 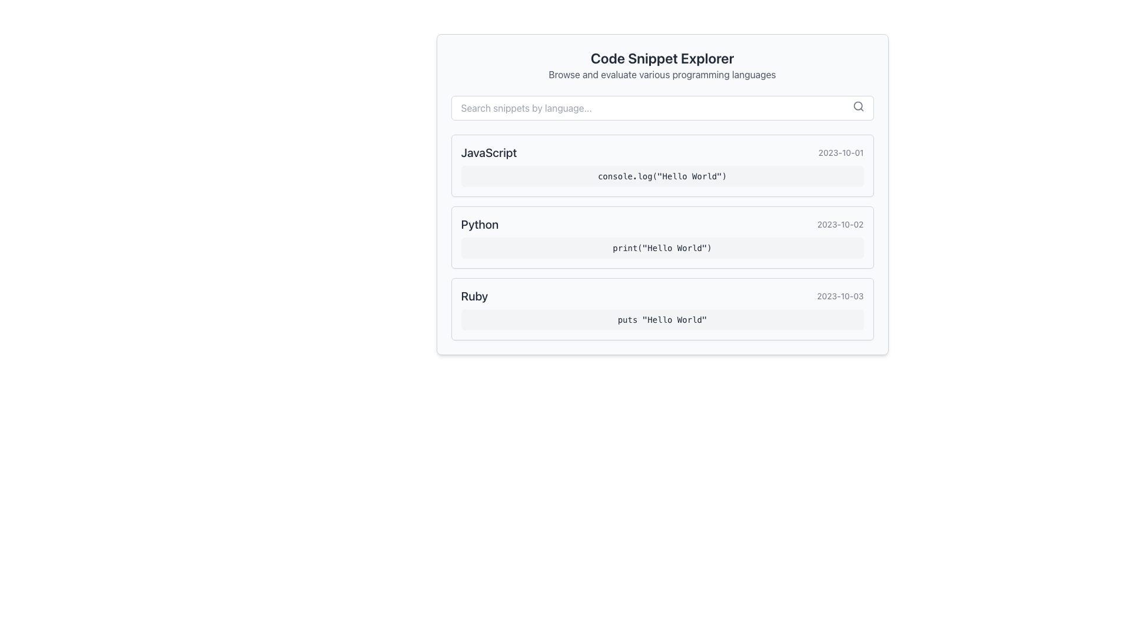 I want to click on the Code snippet display box that displays the Python code snippet 'print("Hello World")', located below the header 'Python2023-10-02' in the coding interface, so click(x=662, y=247).